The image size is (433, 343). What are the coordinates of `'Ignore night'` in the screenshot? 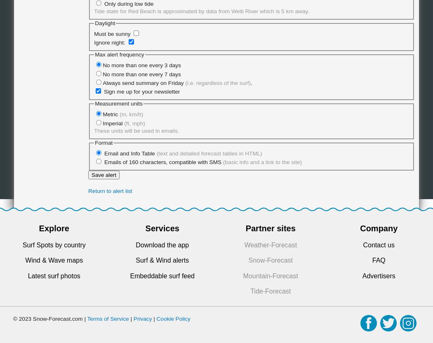 It's located at (108, 42).